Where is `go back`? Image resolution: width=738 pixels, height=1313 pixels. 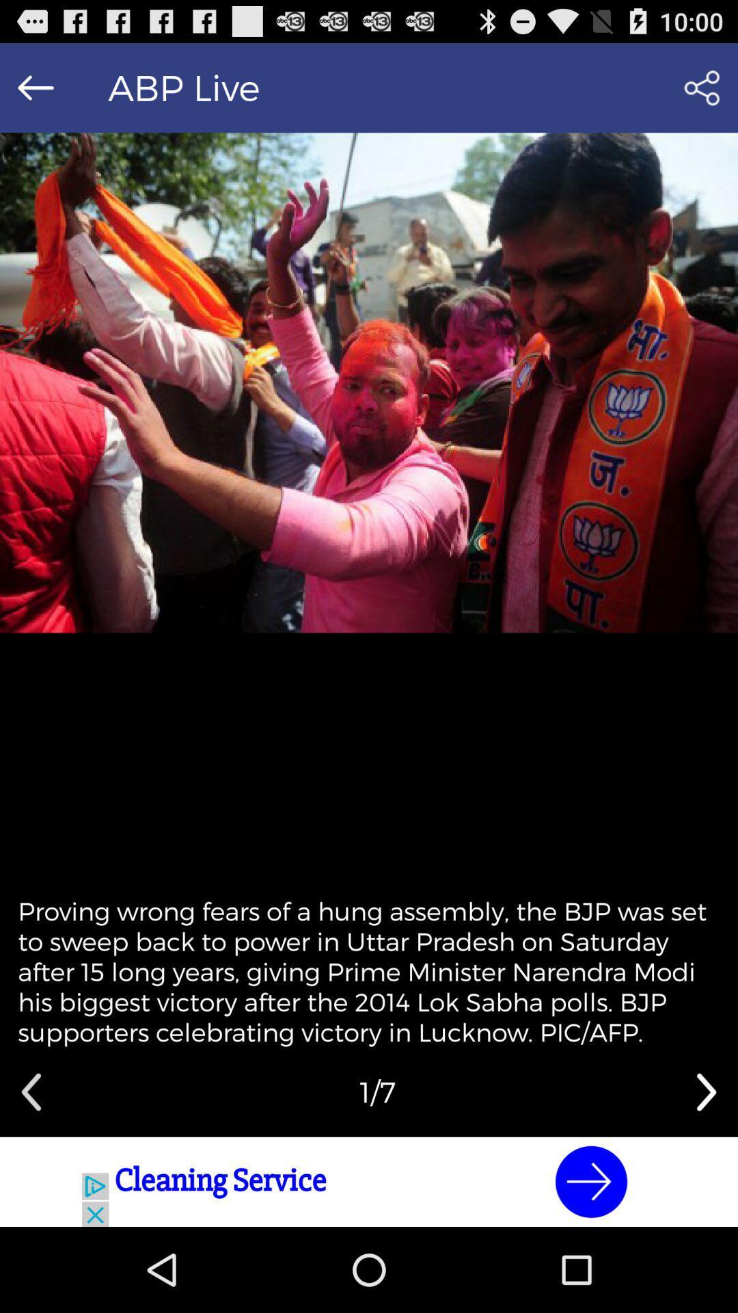
go back is located at coordinates (35, 87).